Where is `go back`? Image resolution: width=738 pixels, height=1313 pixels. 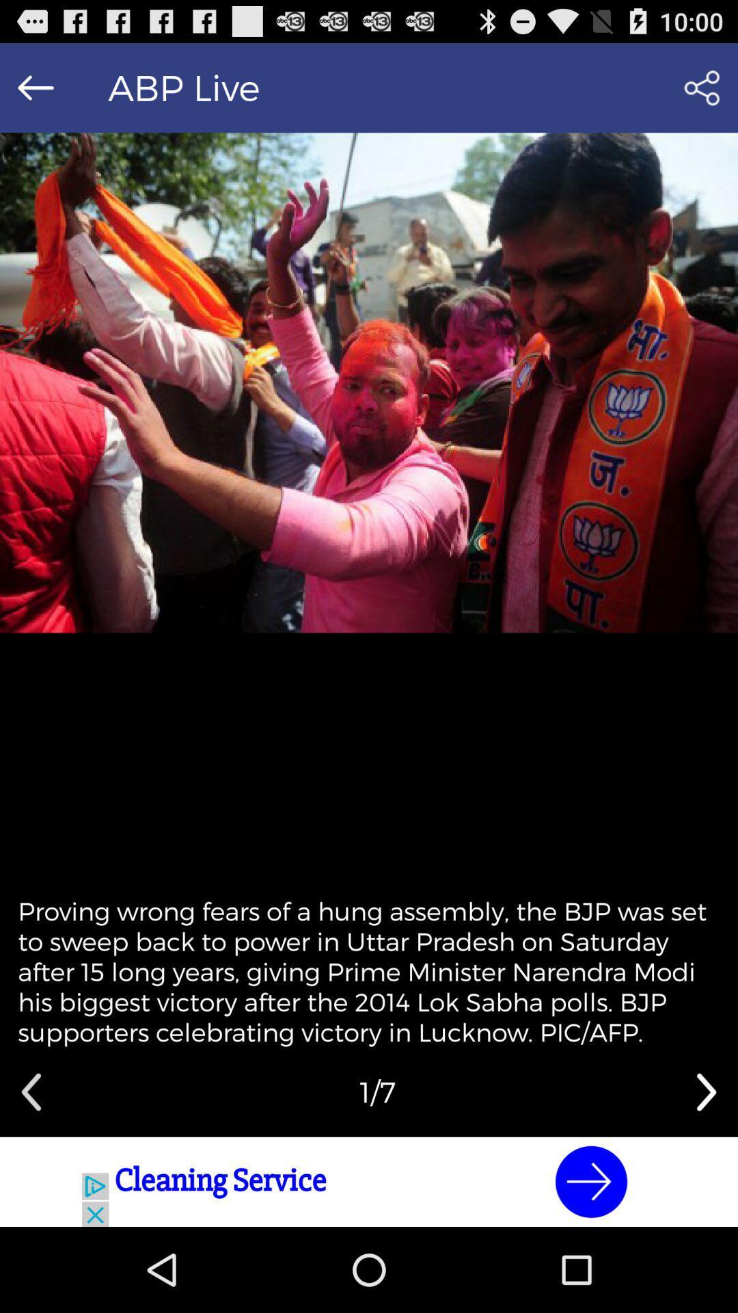
go back is located at coordinates (35, 87).